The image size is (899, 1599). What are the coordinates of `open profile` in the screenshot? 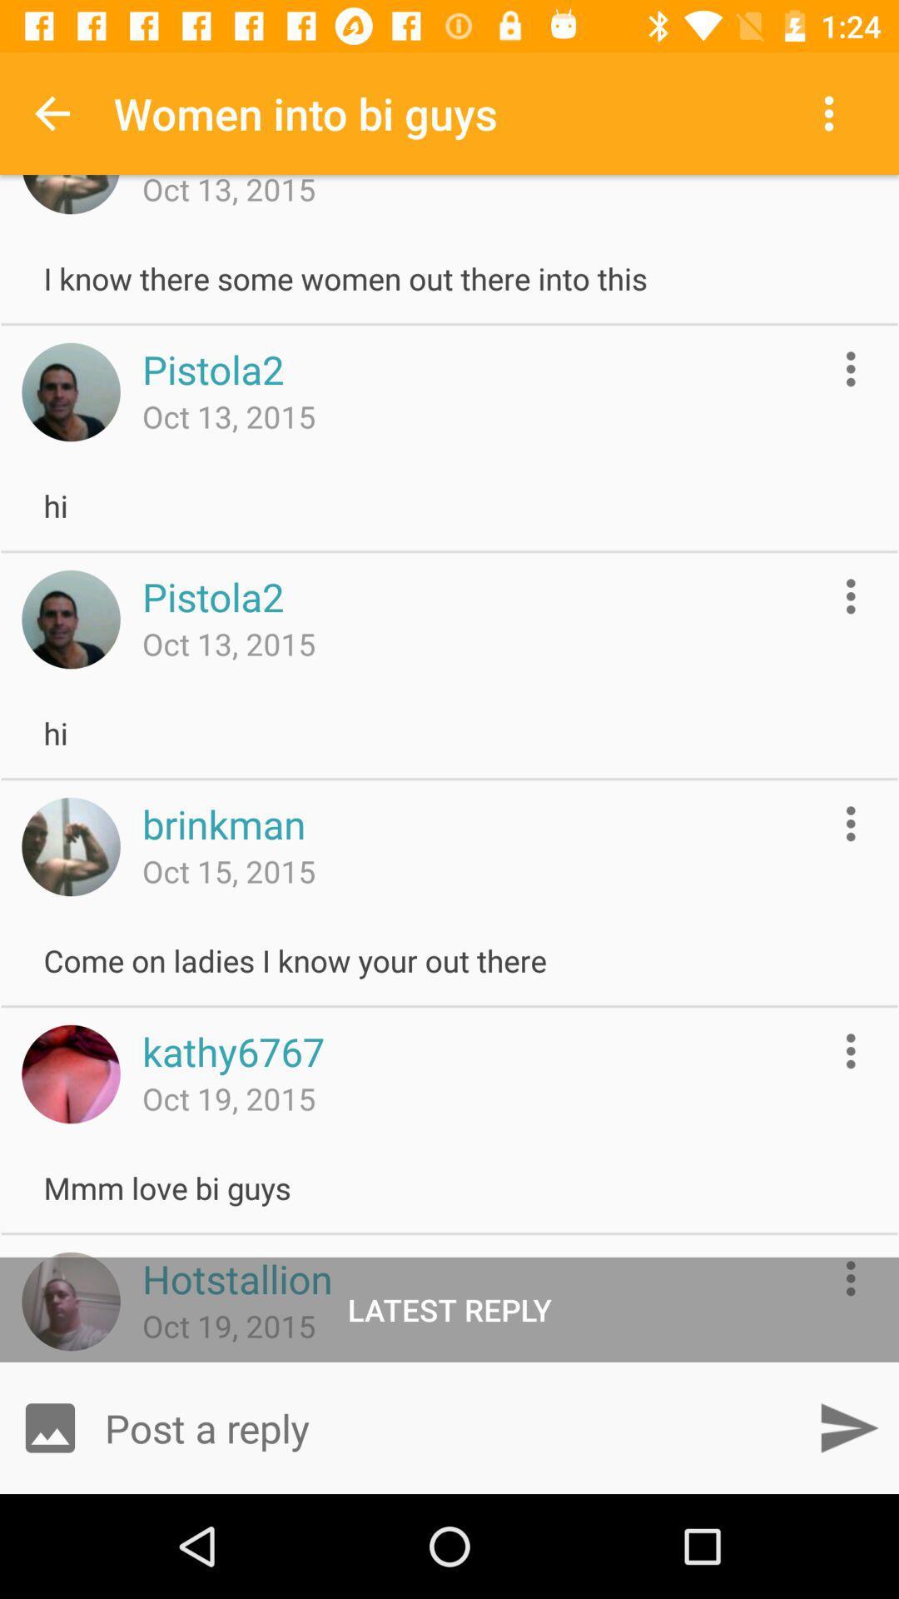 It's located at (70, 1074).